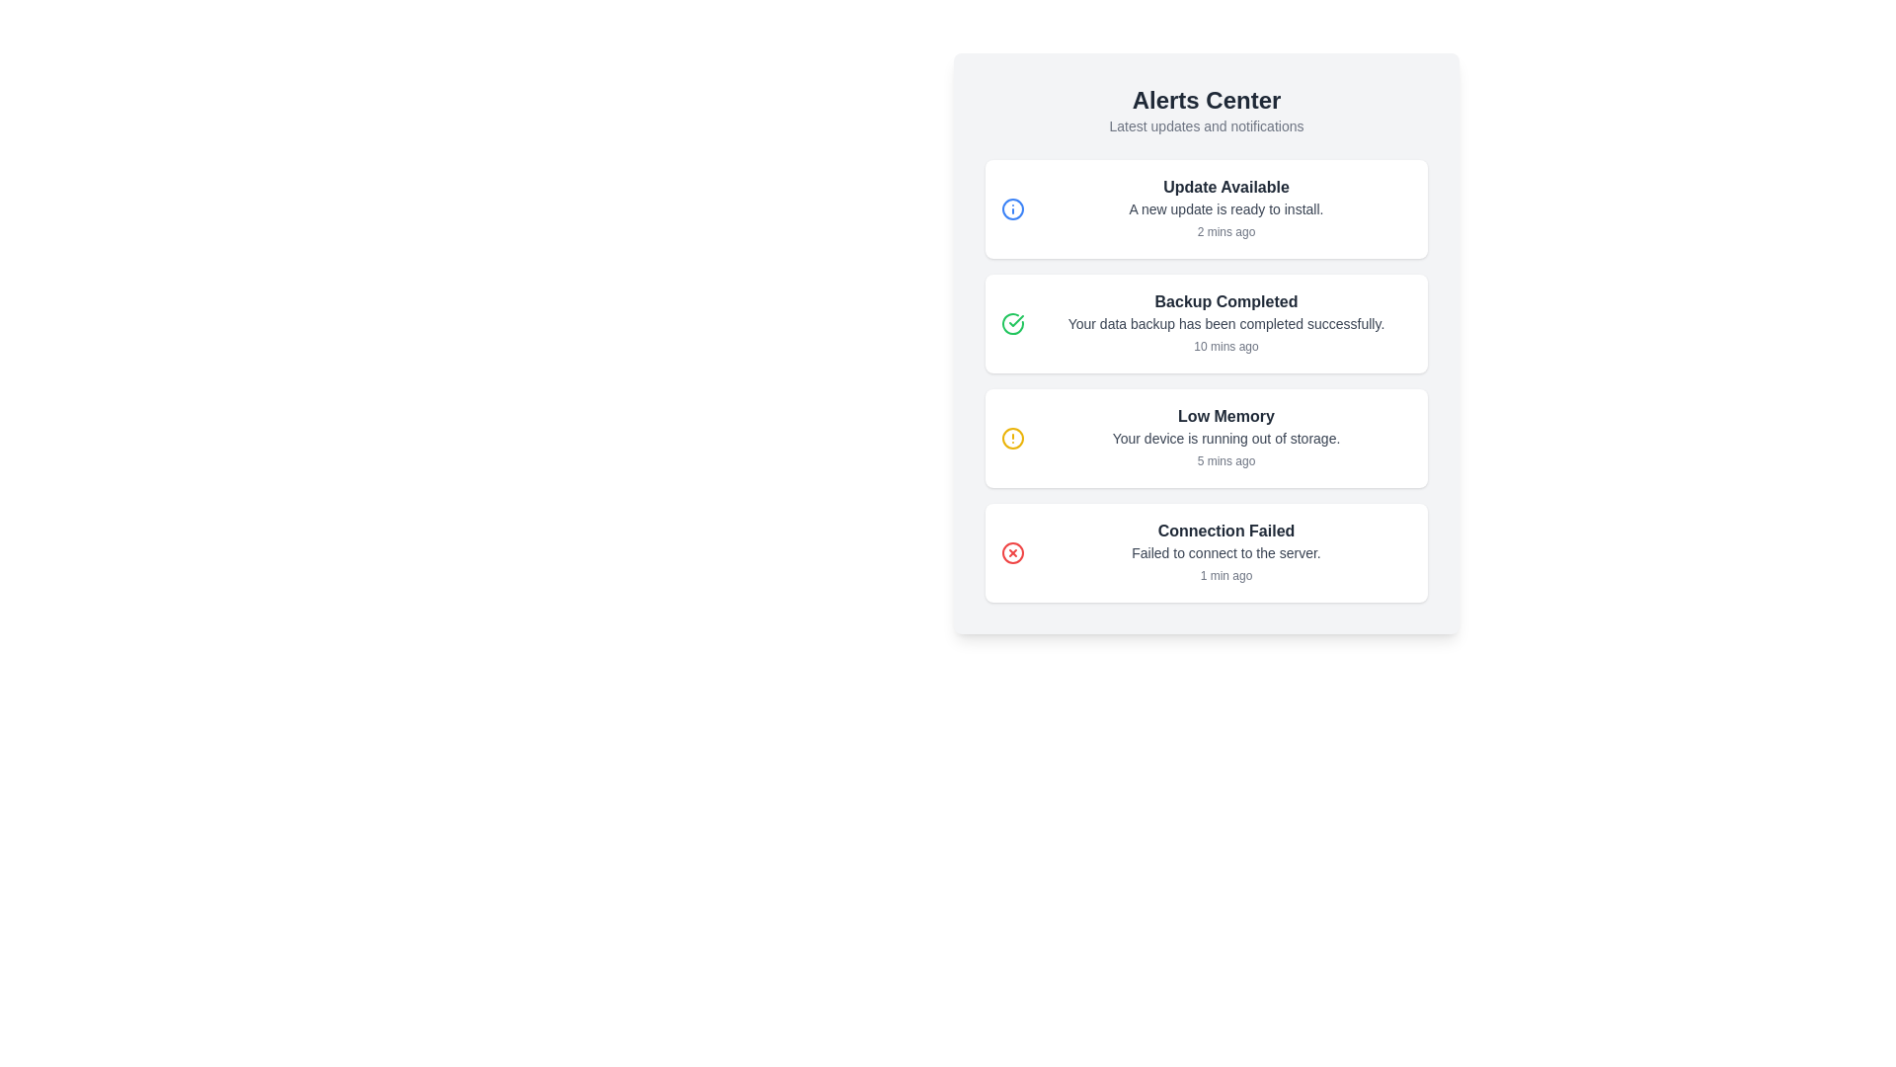  What do you see at coordinates (1013, 437) in the screenshot?
I see `circular SVG component styled with a yellow border, located within the 'Low Memory' alert section of the interface` at bounding box center [1013, 437].